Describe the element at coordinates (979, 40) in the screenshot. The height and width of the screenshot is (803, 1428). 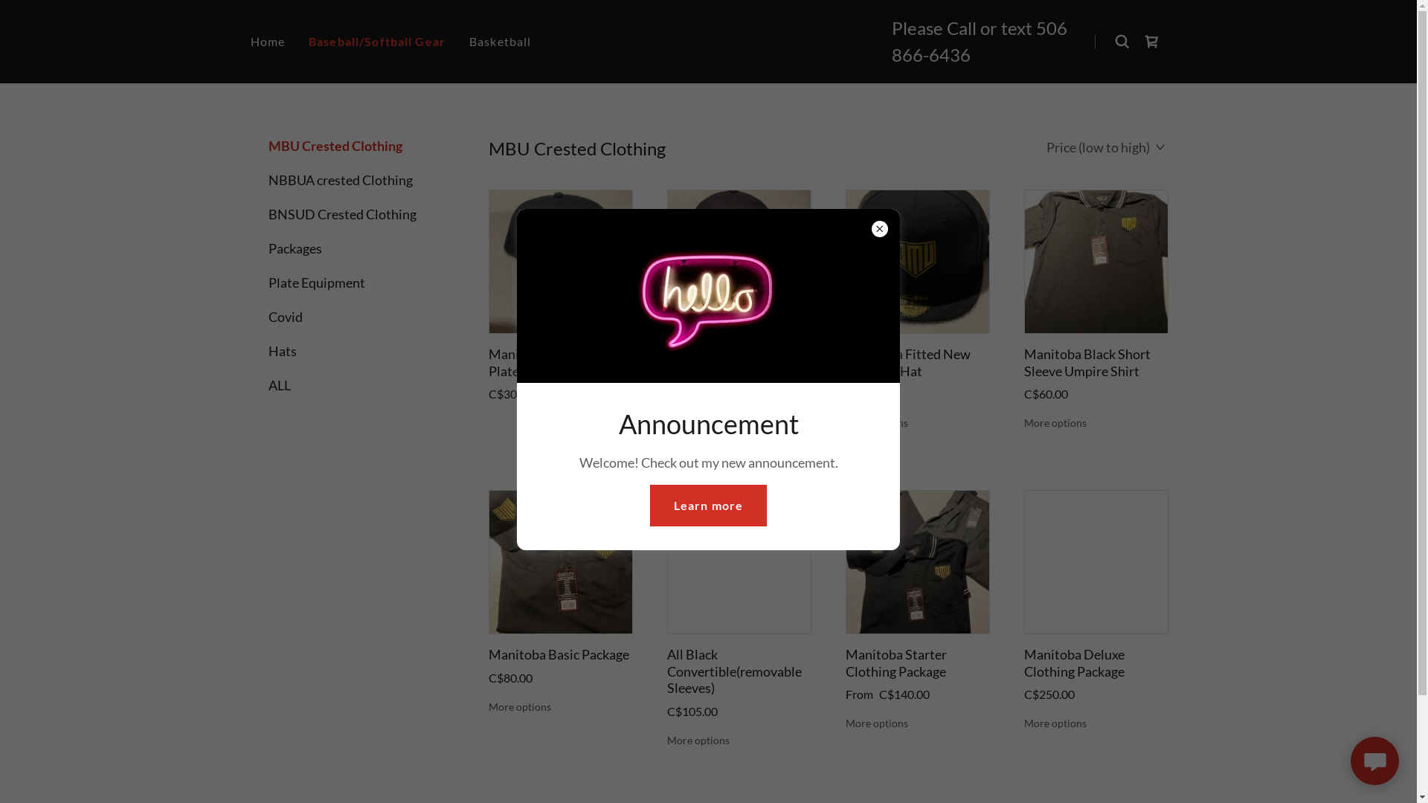
I see `'506 866-6436'` at that location.